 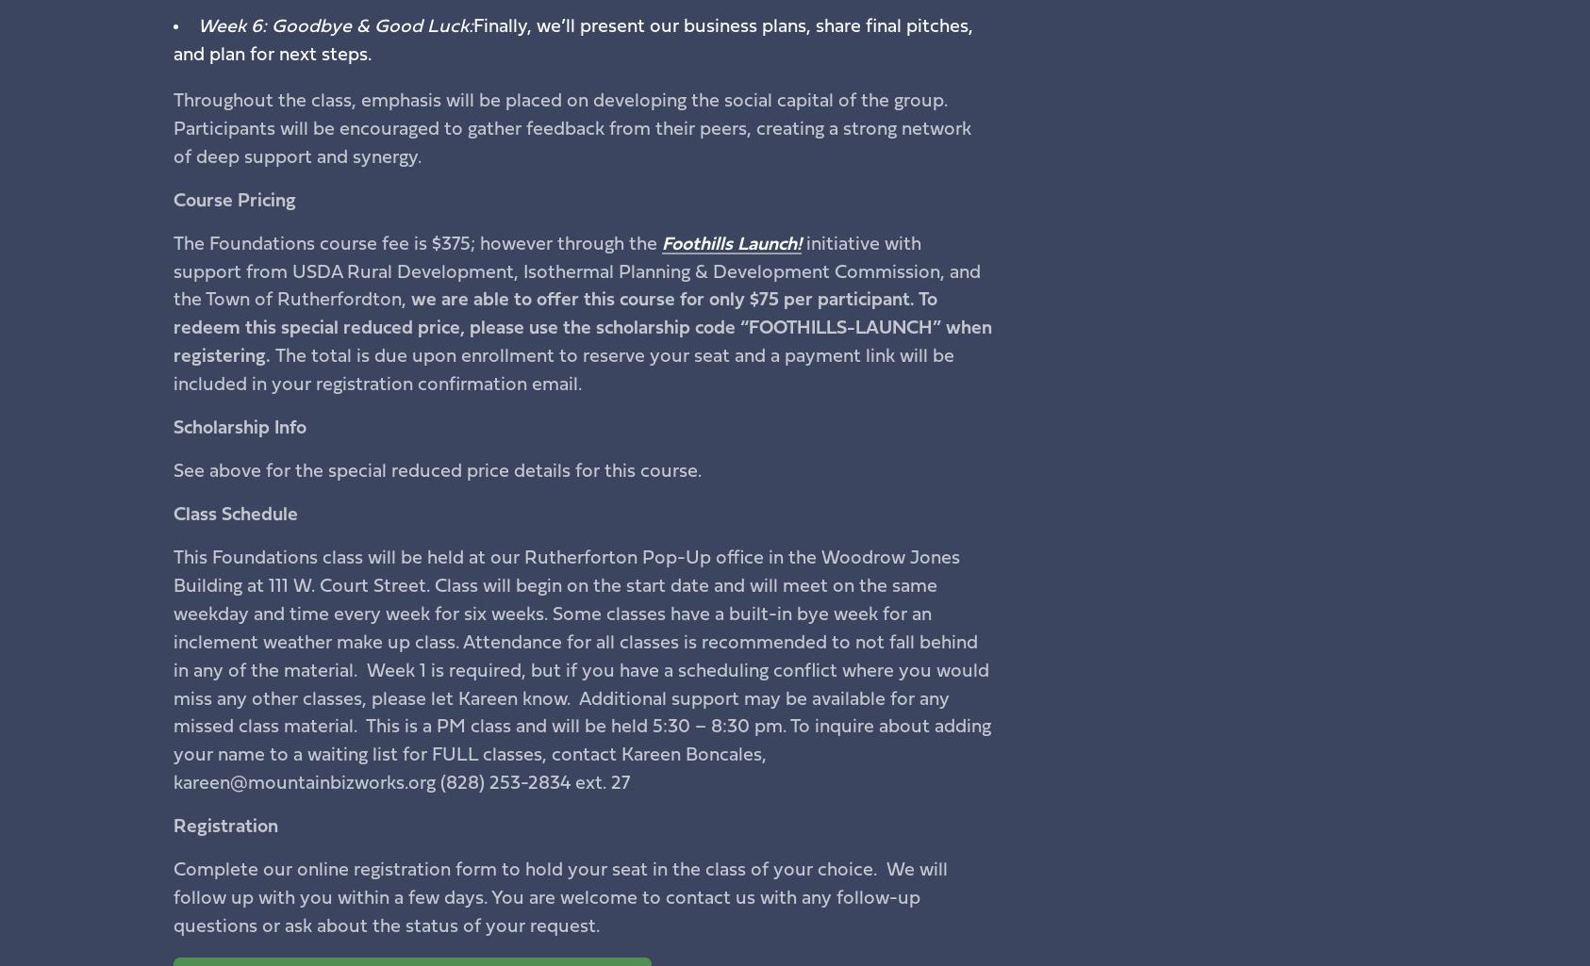 What do you see at coordinates (235, 515) in the screenshot?
I see `'Class Schedule'` at bounding box center [235, 515].